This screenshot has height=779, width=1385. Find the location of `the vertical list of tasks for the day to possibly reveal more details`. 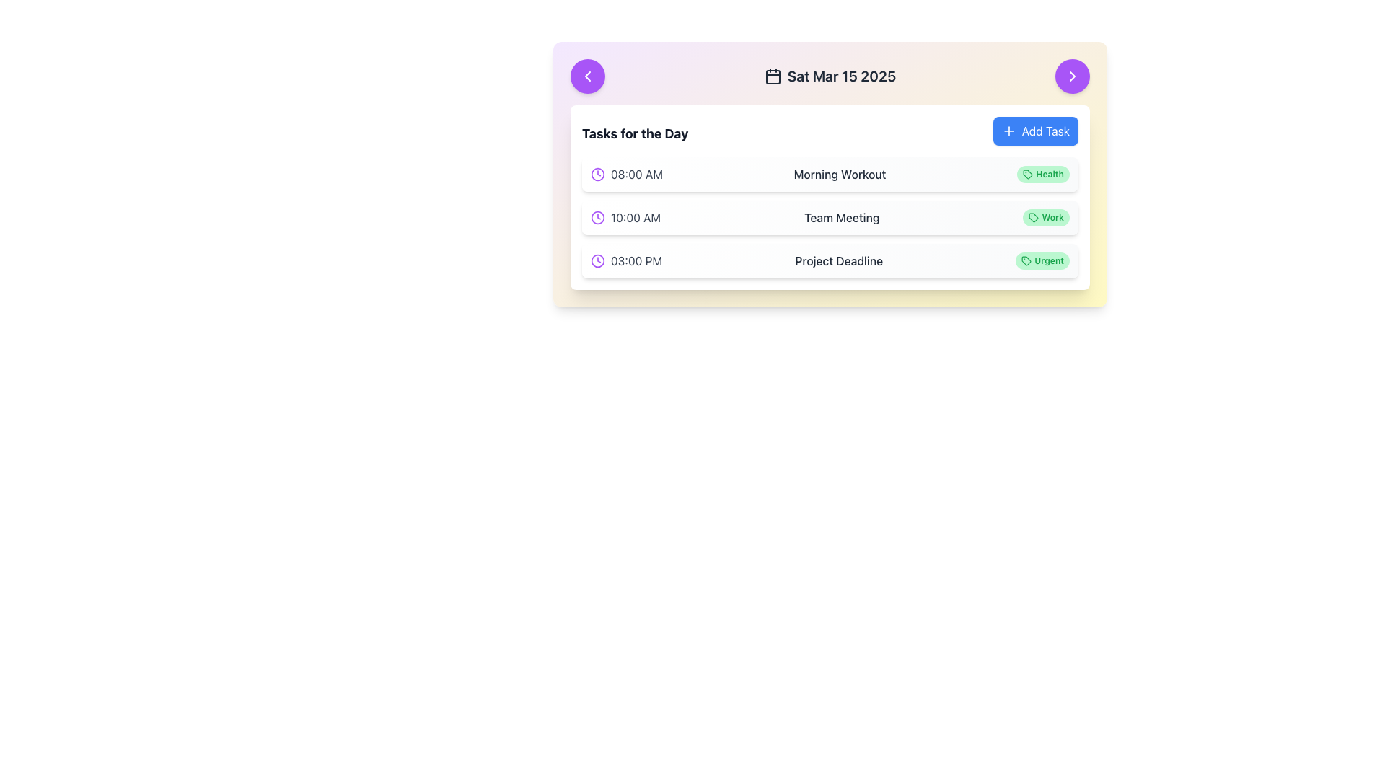

the vertical list of tasks for the day to possibly reveal more details is located at coordinates (830, 217).